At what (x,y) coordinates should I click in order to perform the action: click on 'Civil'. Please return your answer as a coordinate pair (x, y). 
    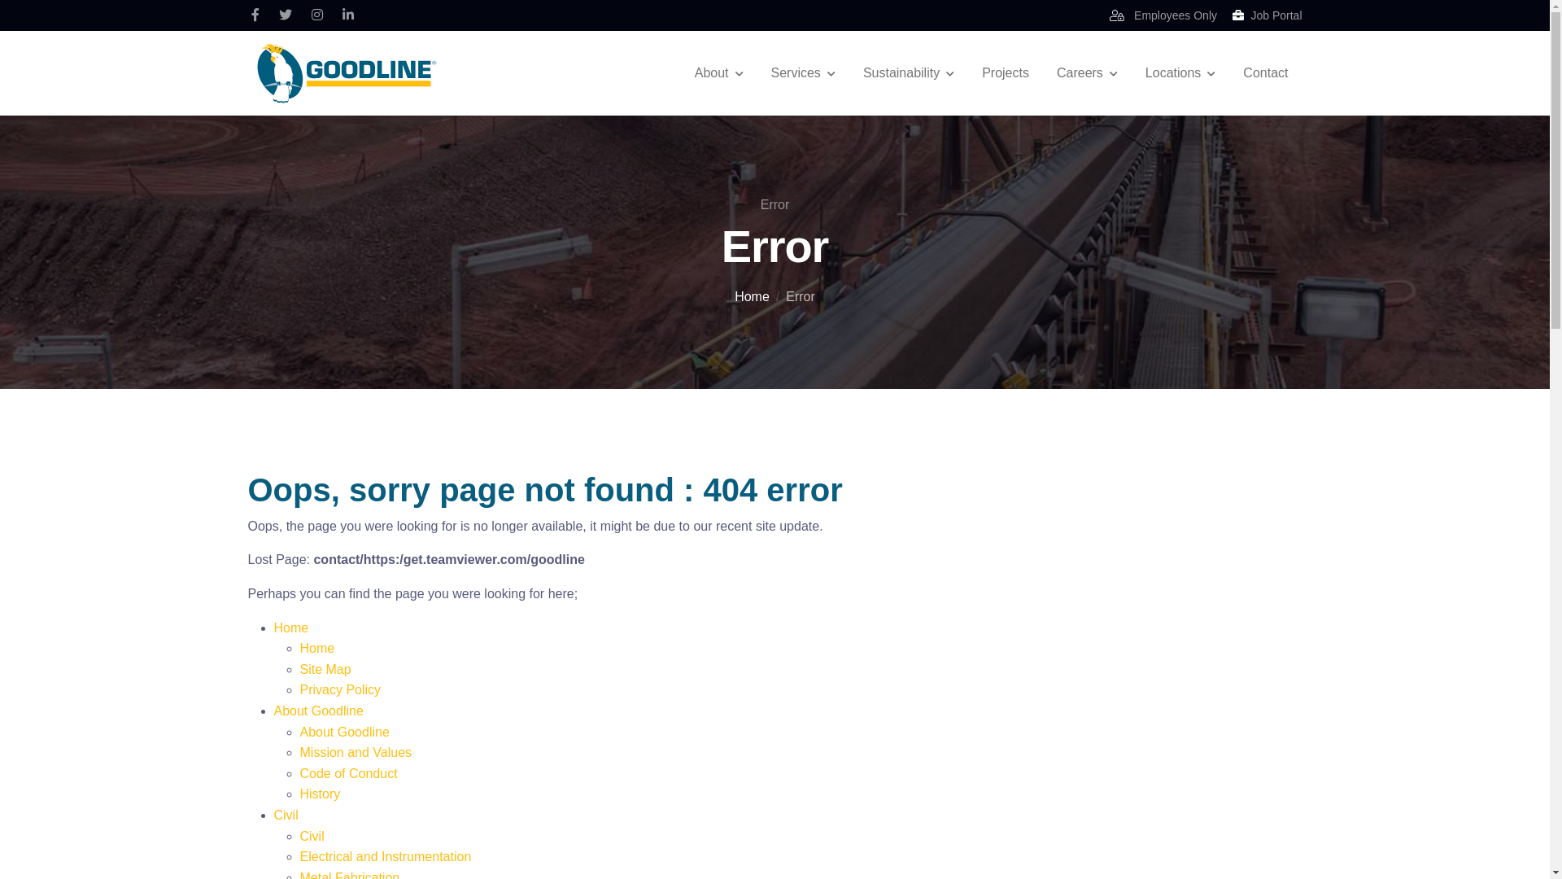
    Looking at the image, I should click on (312, 836).